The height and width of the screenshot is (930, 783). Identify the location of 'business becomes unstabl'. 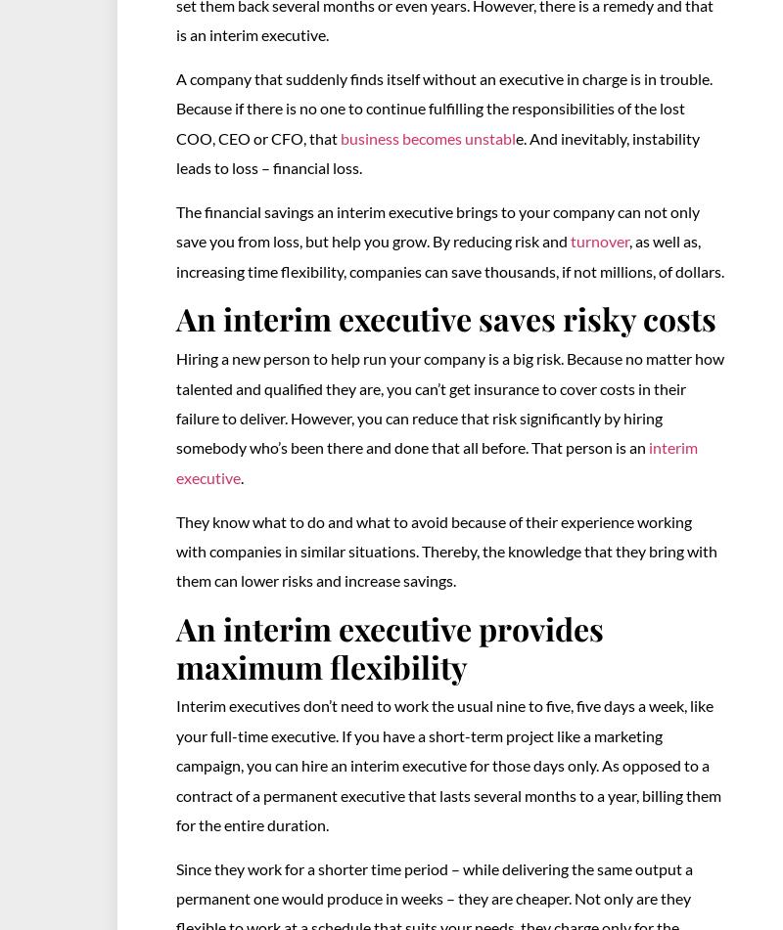
(427, 137).